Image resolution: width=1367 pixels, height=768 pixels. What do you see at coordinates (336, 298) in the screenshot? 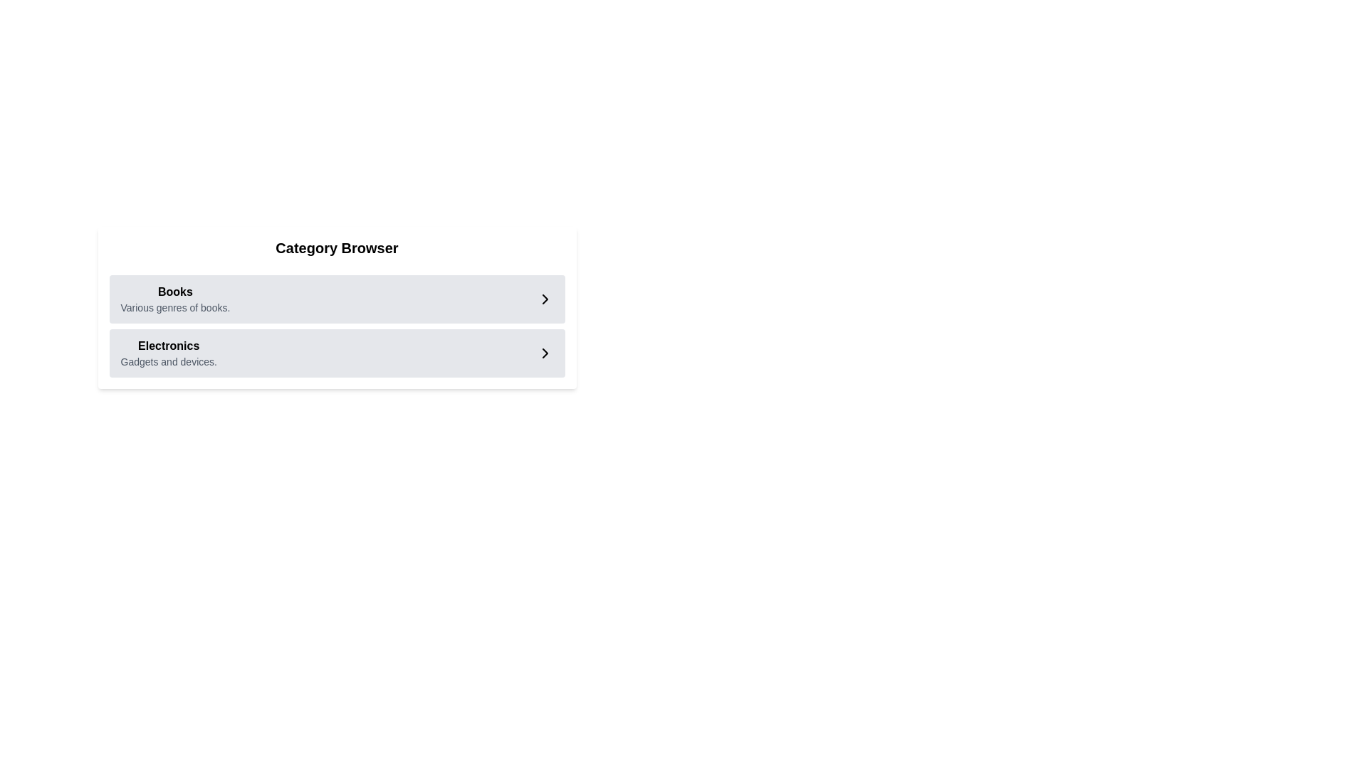
I see `the first listed item in the 'Category Browser'` at bounding box center [336, 298].